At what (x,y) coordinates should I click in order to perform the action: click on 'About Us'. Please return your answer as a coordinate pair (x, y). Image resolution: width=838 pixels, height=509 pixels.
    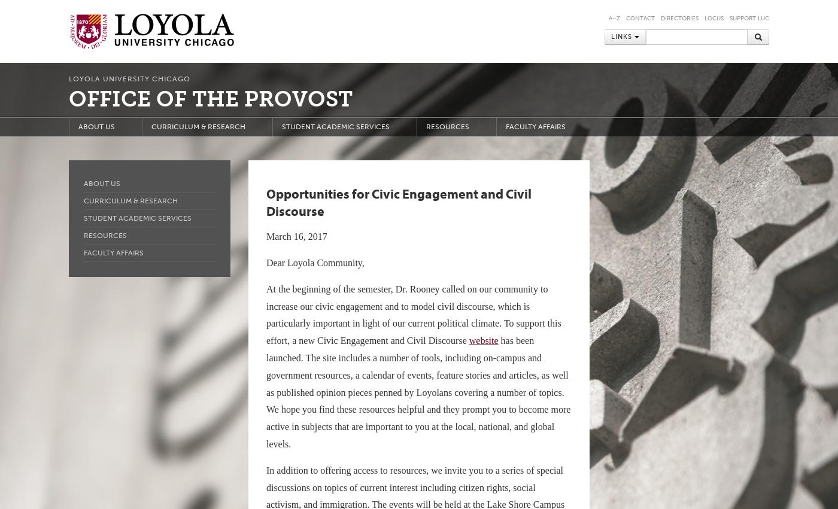
    Looking at the image, I should click on (102, 184).